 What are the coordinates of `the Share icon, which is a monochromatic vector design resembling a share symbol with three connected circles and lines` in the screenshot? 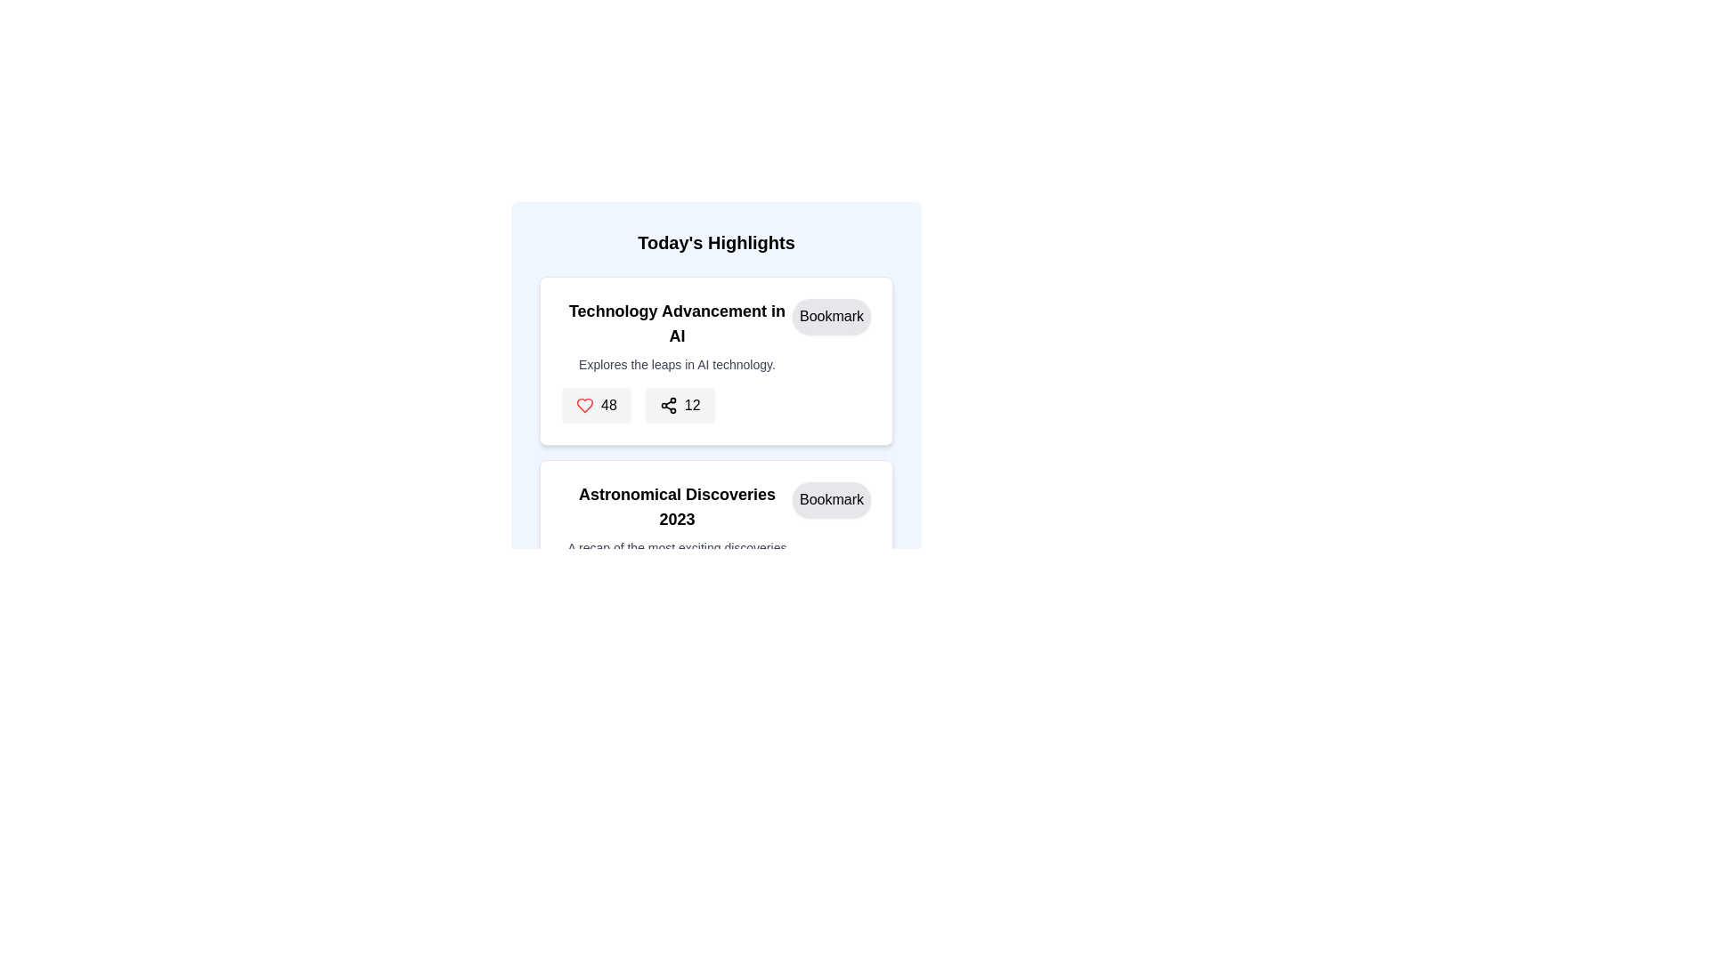 It's located at (667, 405).